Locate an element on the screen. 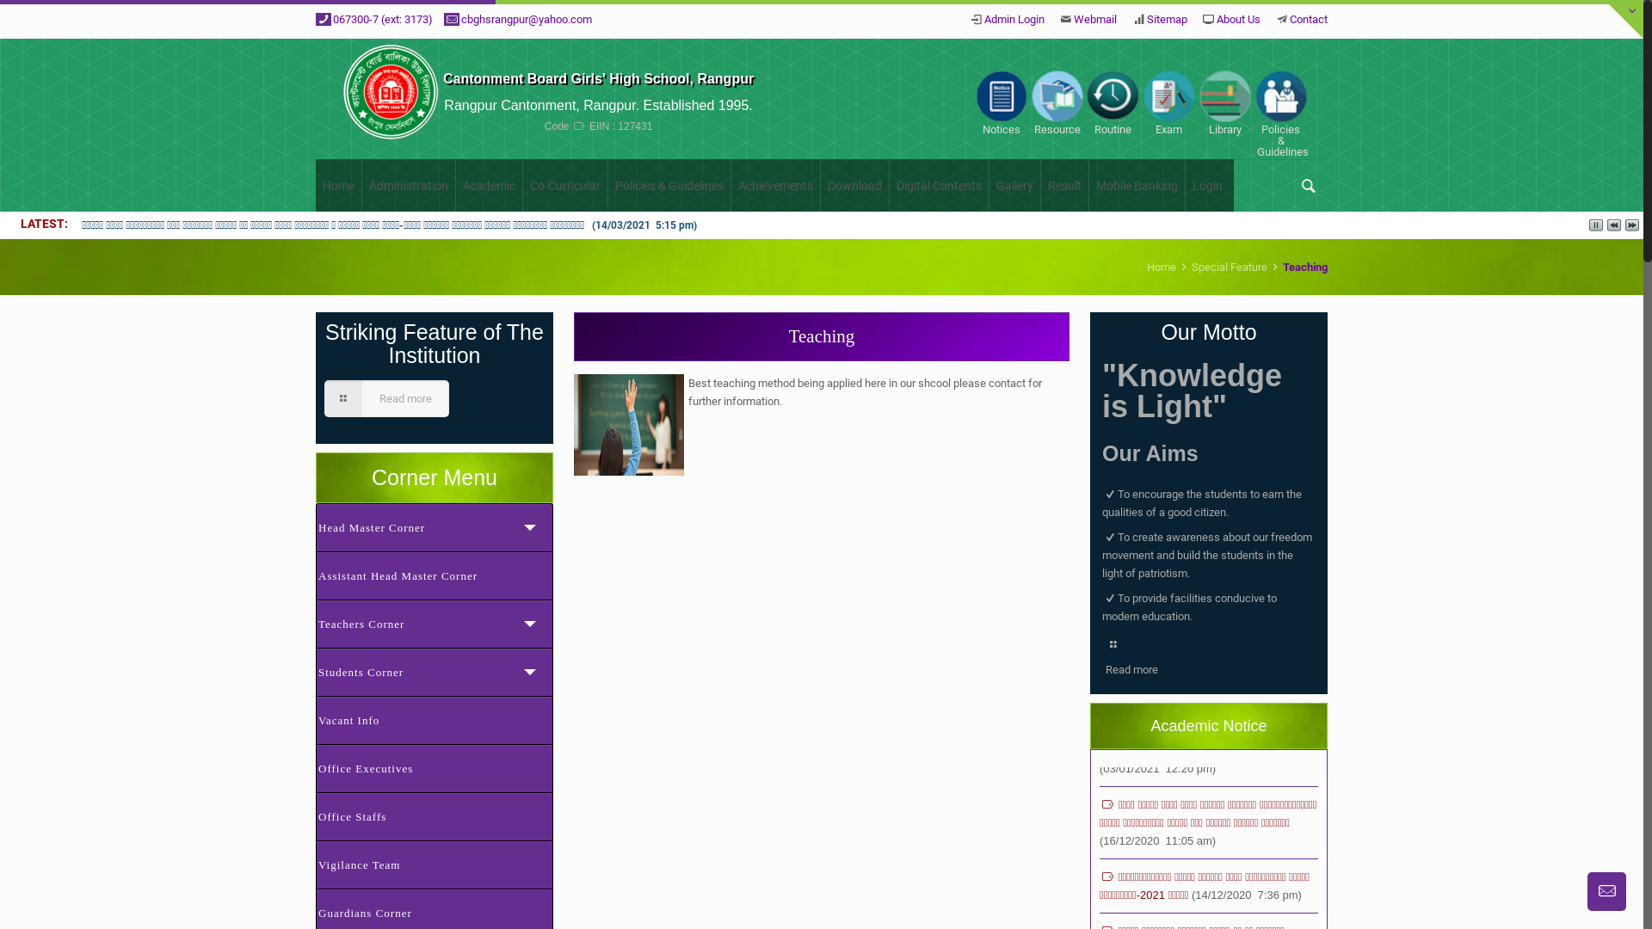 The image size is (1652, 929). 'Vacant Info' is located at coordinates (434, 720).